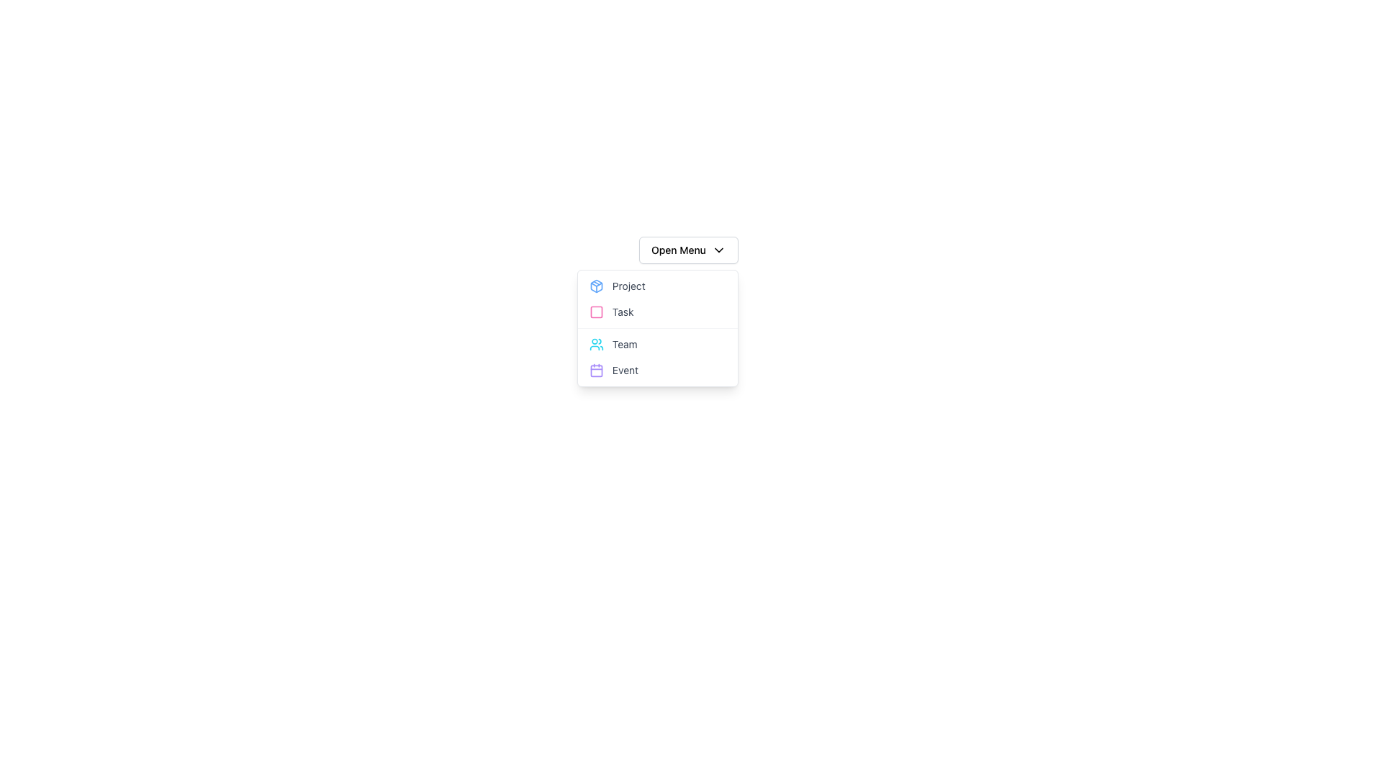 Image resolution: width=1382 pixels, height=777 pixels. Describe the element at coordinates (596, 370) in the screenshot. I see `the inner rectangle of the calendar icon representing the 'Event' option located in the bottom right corner of a vertical list menu` at that location.